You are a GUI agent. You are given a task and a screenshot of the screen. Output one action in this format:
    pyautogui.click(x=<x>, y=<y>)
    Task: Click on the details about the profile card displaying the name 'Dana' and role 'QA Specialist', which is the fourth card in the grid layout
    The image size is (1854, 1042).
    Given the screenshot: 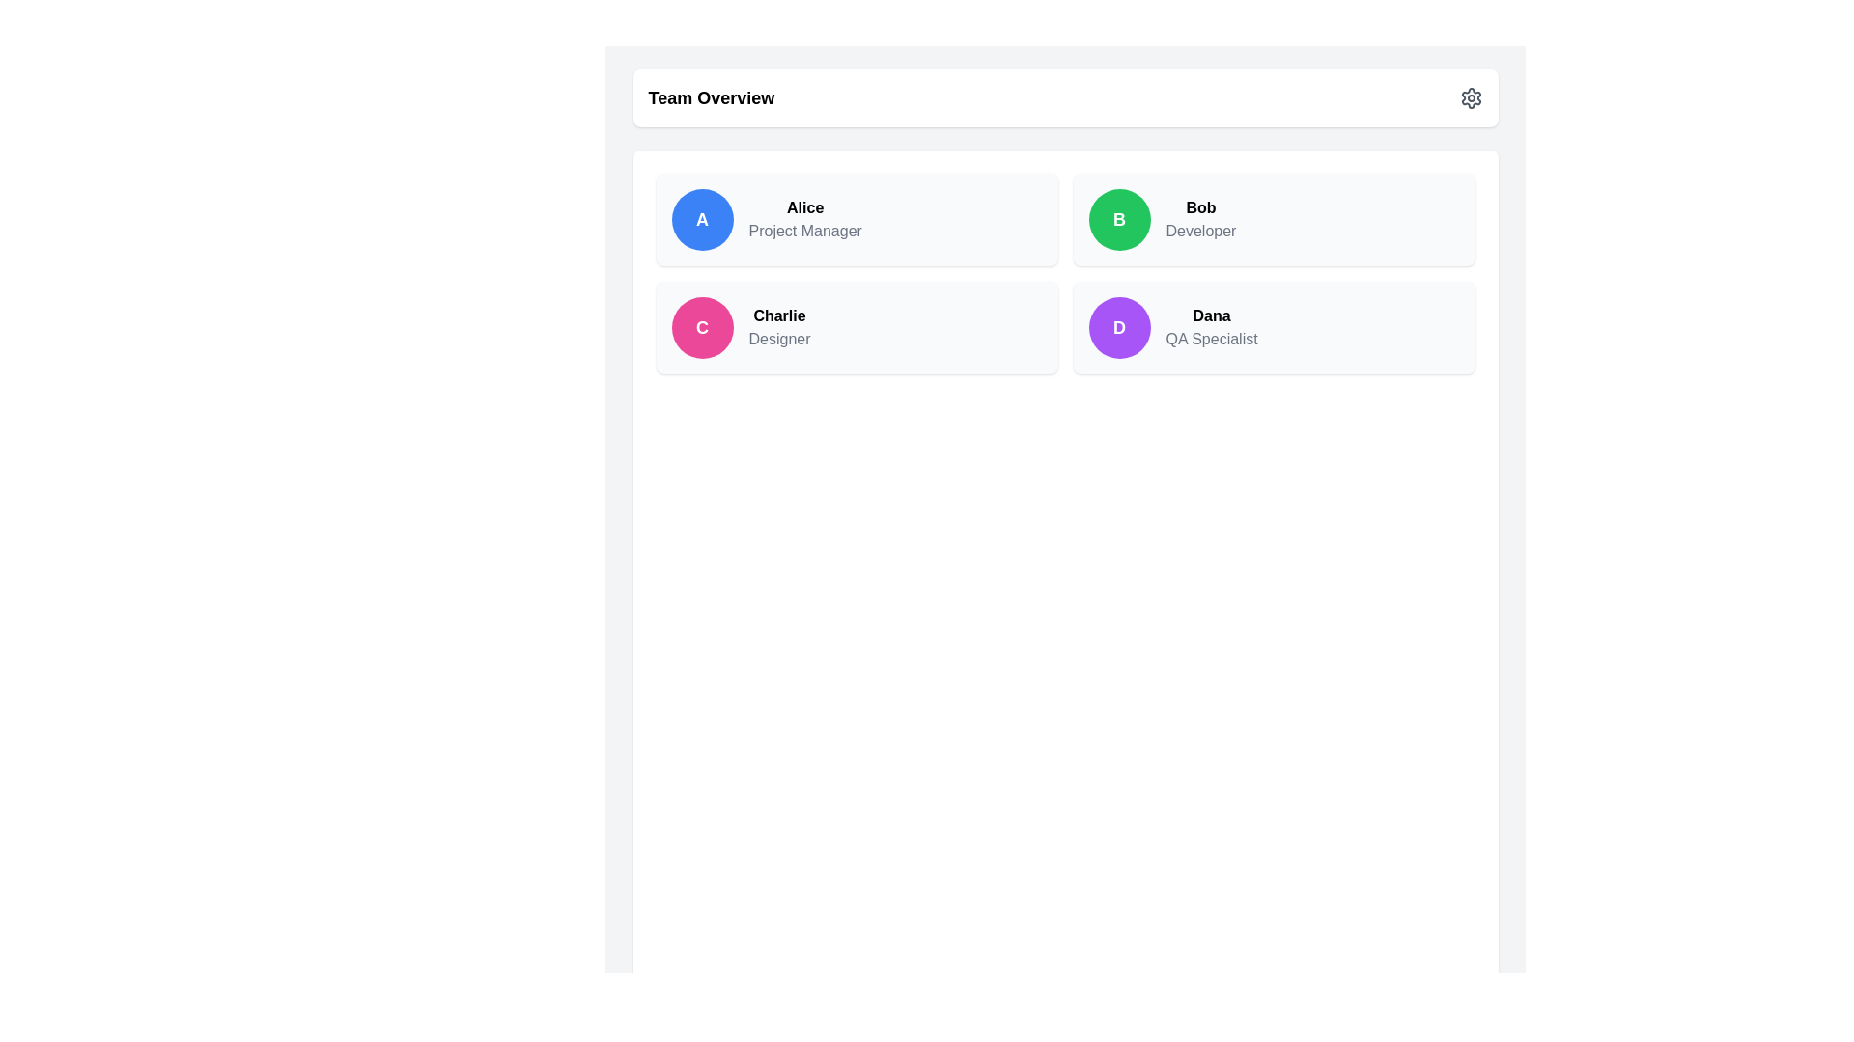 What is the action you would take?
    pyautogui.click(x=1274, y=326)
    